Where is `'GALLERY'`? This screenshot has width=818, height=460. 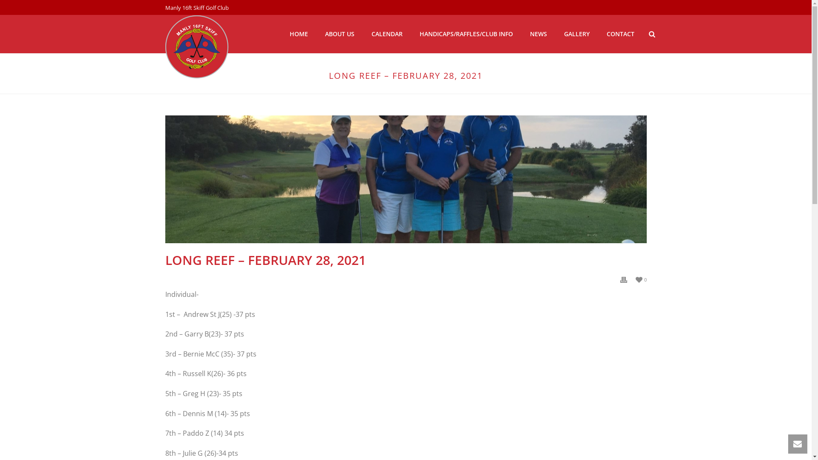 'GALLERY' is located at coordinates (576, 34).